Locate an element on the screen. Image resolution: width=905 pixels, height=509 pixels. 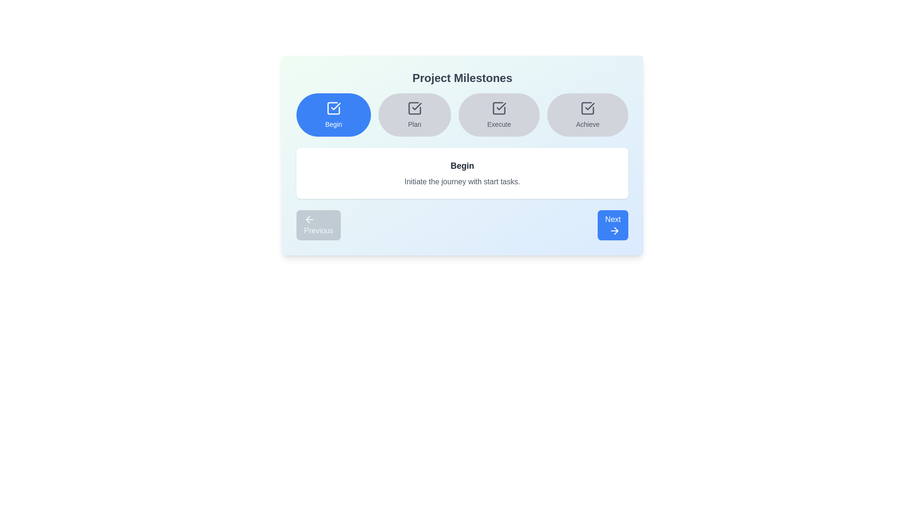
the completion icon of the 'Execute' milestone button, which is the third button in the sequence of four milestone buttons at the top center of the interface is located at coordinates (499, 108).